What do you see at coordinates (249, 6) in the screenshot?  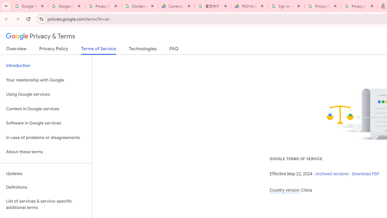 I see `'PDD Holdings Inc - ADR (PDD) Price & News - Google Finance'` at bounding box center [249, 6].